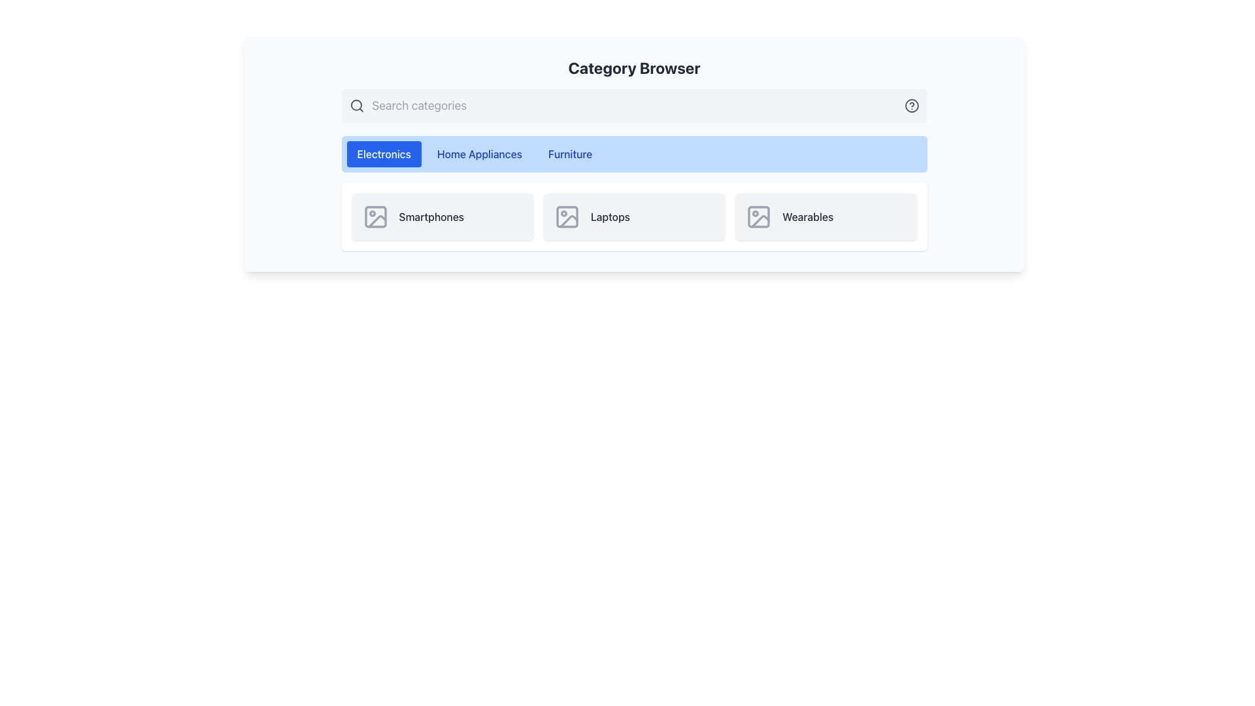 The image size is (1255, 706). What do you see at coordinates (609, 216) in the screenshot?
I see `the 'Laptops' category text label, which is the second option in the horizontally aligned list of categories under the 'Electronics' tab` at bounding box center [609, 216].